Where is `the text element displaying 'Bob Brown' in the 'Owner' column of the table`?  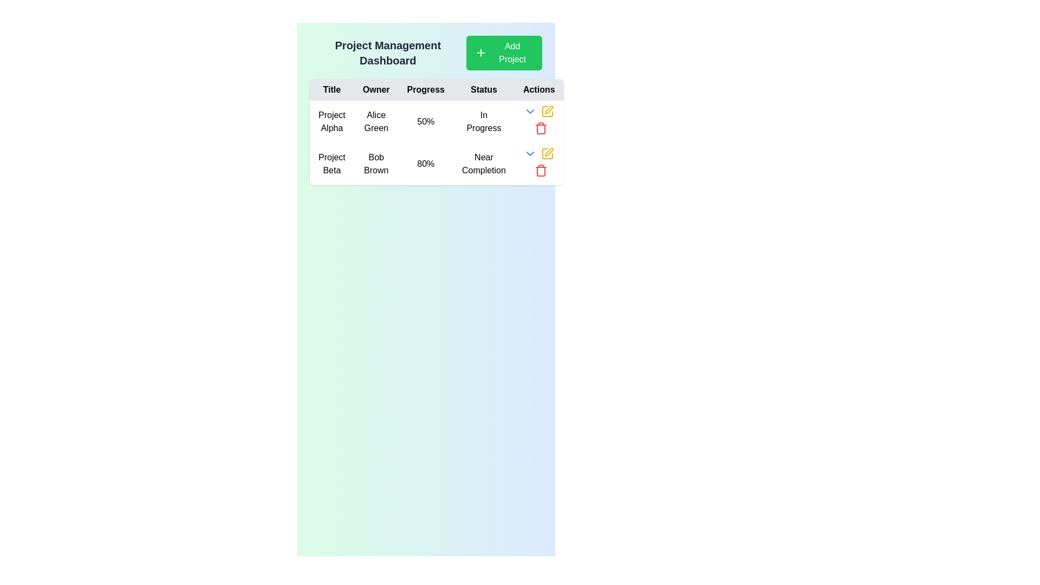 the text element displaying 'Bob Brown' in the 'Owner' column of the table is located at coordinates (376, 164).